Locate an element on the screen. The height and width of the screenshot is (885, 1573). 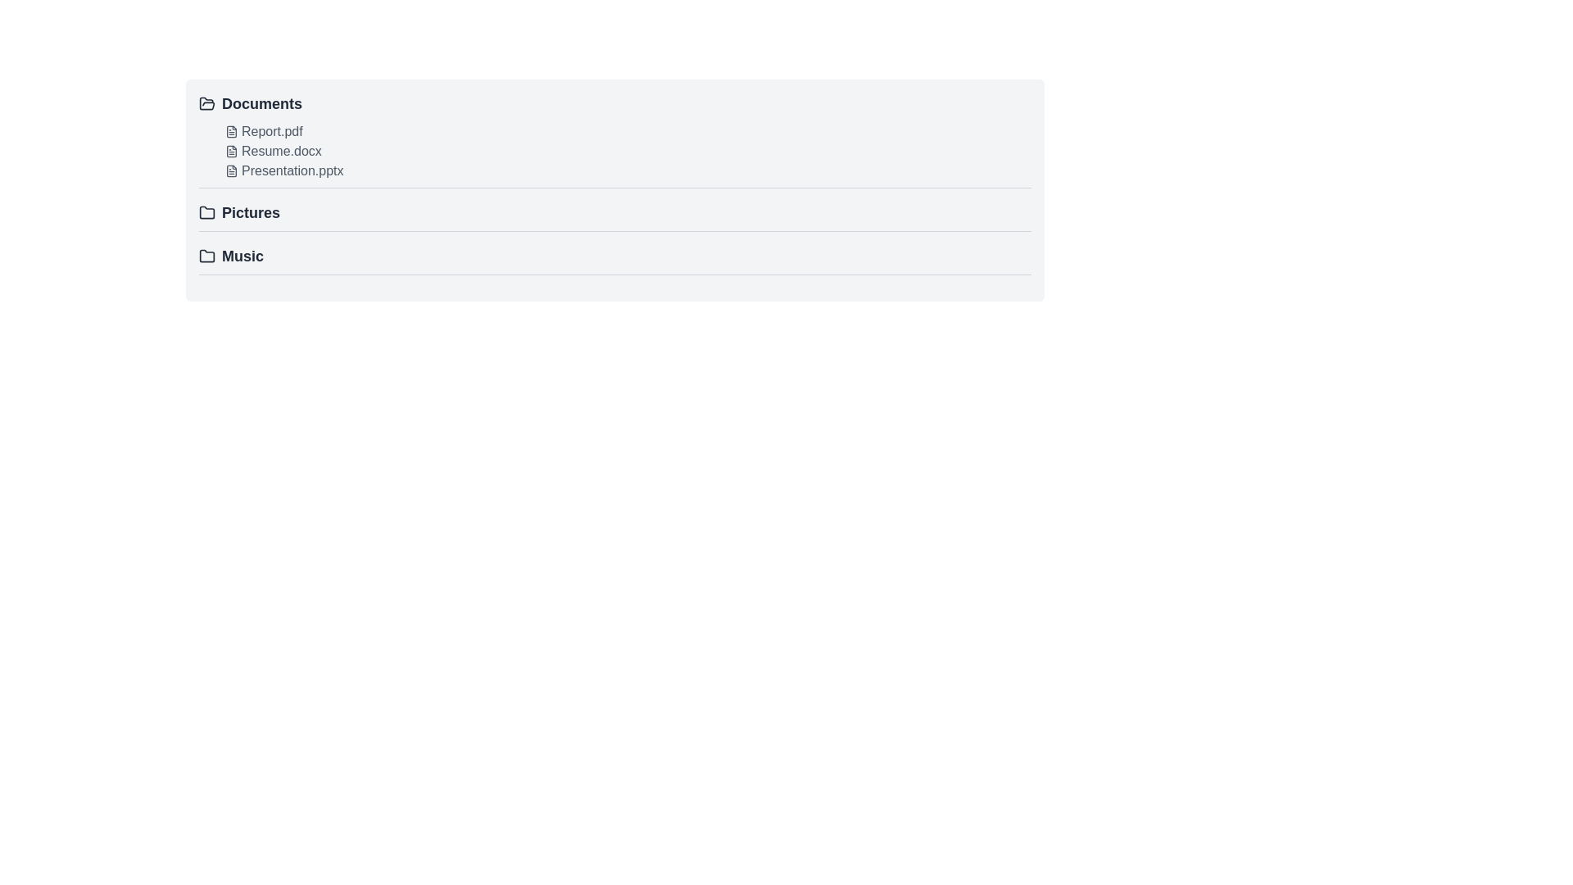
the 'Music' folder label with icon, which is the last entry in a vertical list of folders is located at coordinates (230, 256).